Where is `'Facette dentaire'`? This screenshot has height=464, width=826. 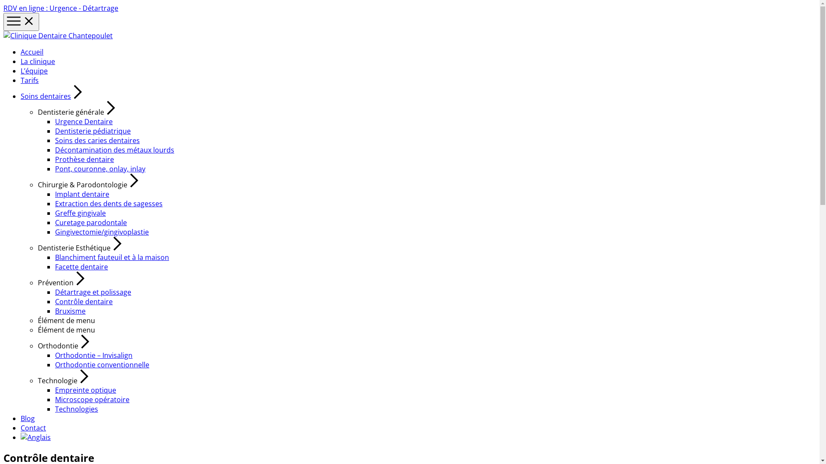
'Facette dentaire' is located at coordinates (81, 266).